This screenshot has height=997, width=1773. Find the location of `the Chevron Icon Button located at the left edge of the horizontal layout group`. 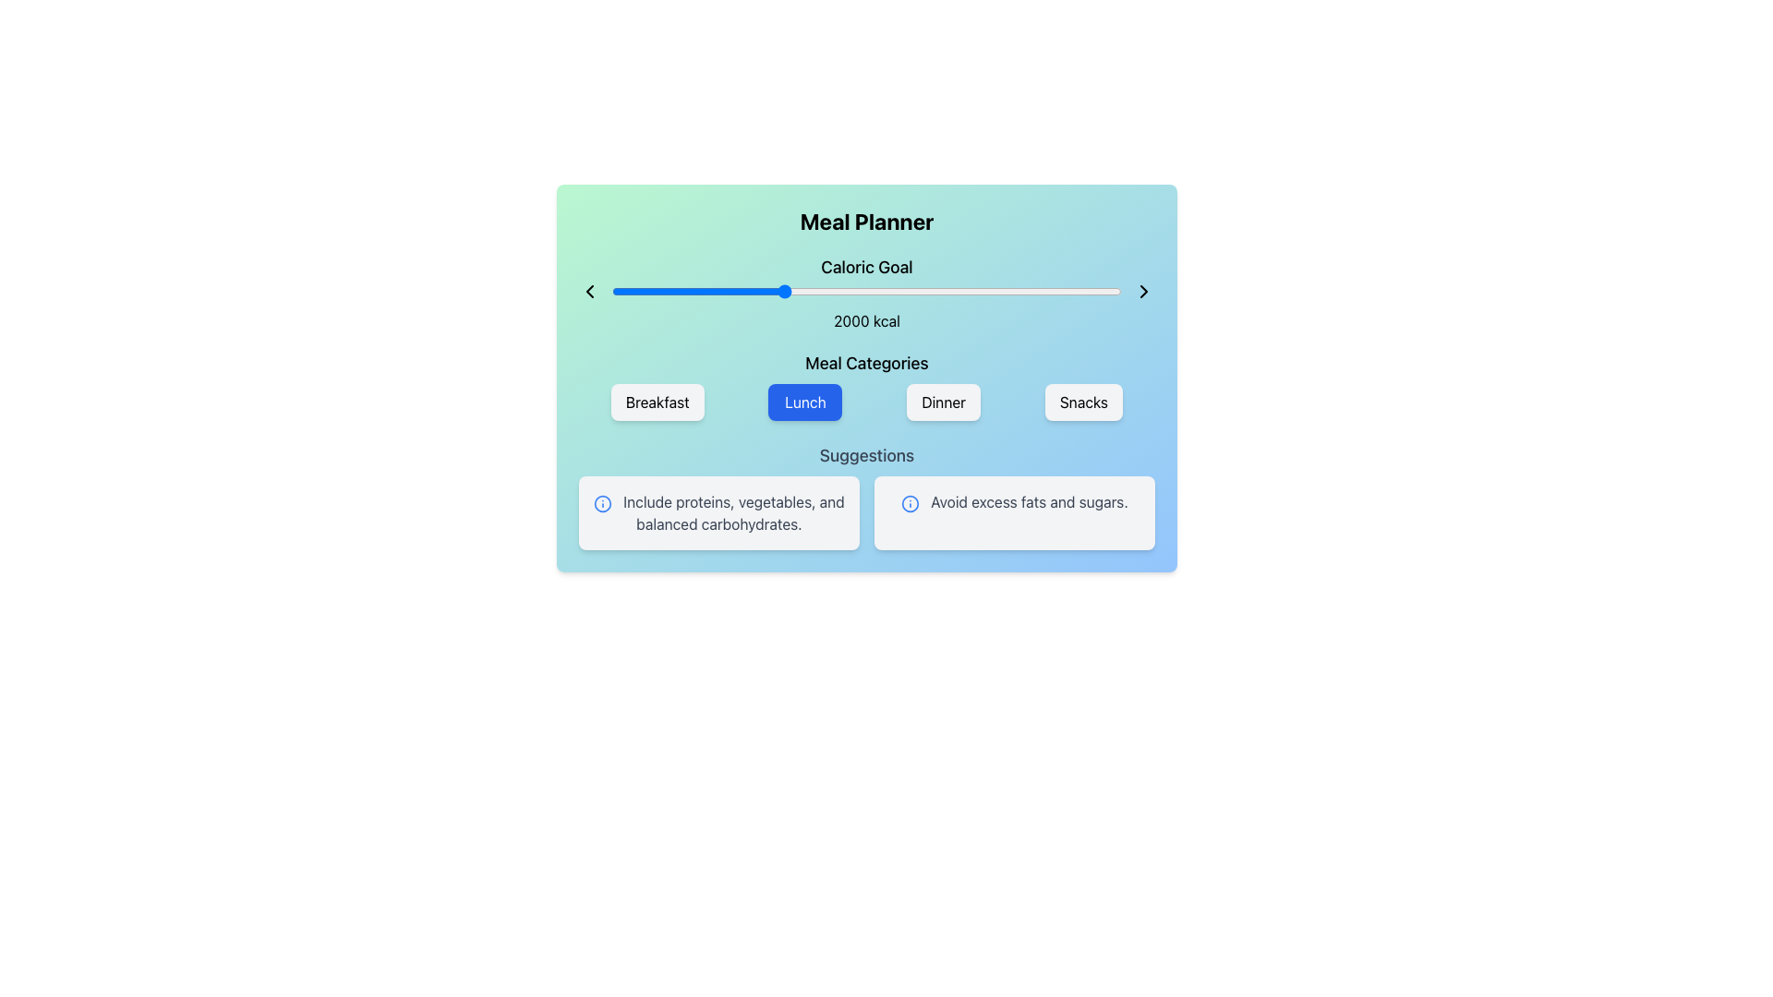

the Chevron Icon Button located at the left edge of the horizontal layout group is located at coordinates (588, 291).